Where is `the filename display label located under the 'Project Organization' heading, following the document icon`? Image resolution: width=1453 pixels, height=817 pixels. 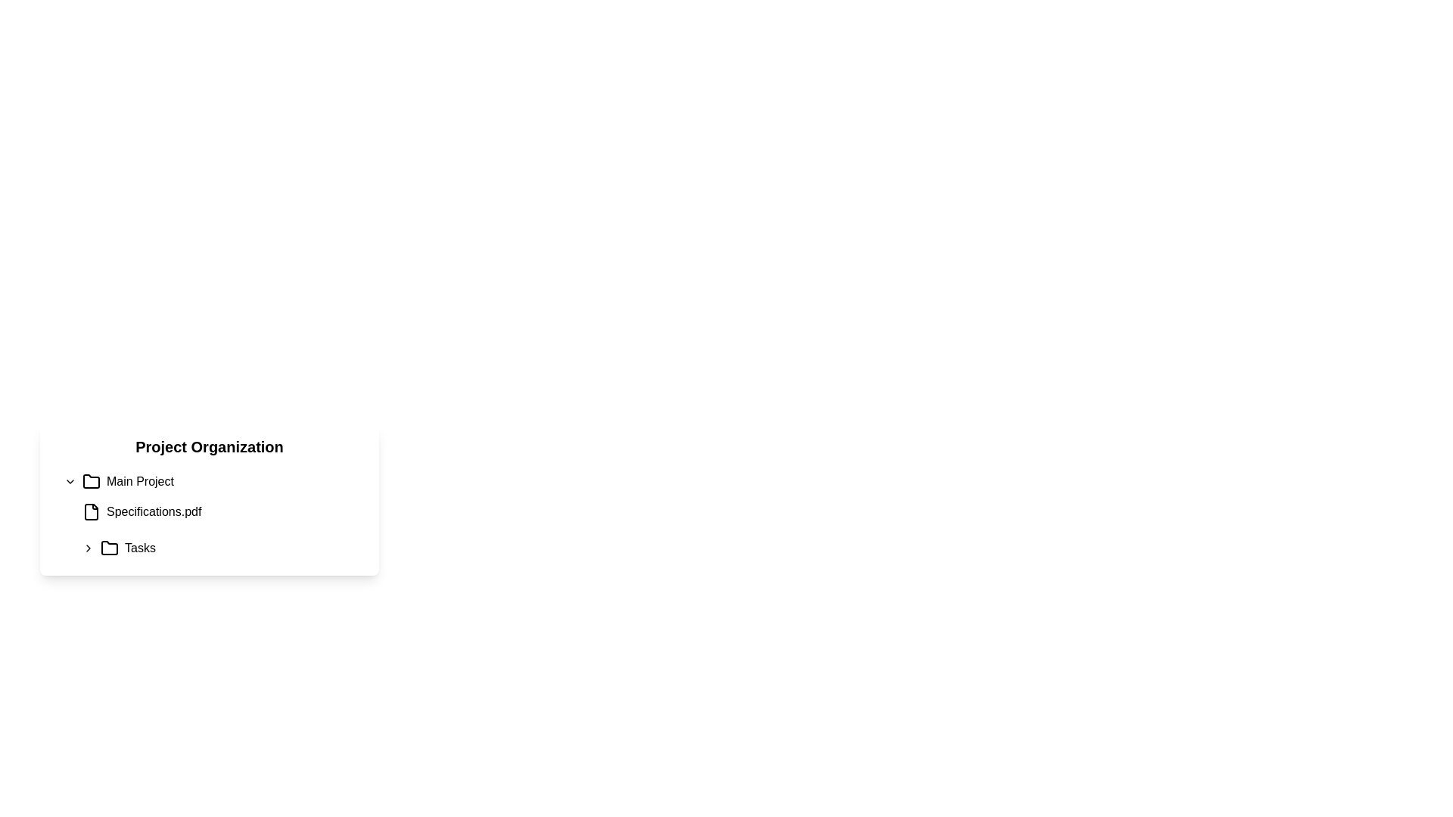
the filename display label located under the 'Project Organization' heading, following the document icon is located at coordinates (154, 511).